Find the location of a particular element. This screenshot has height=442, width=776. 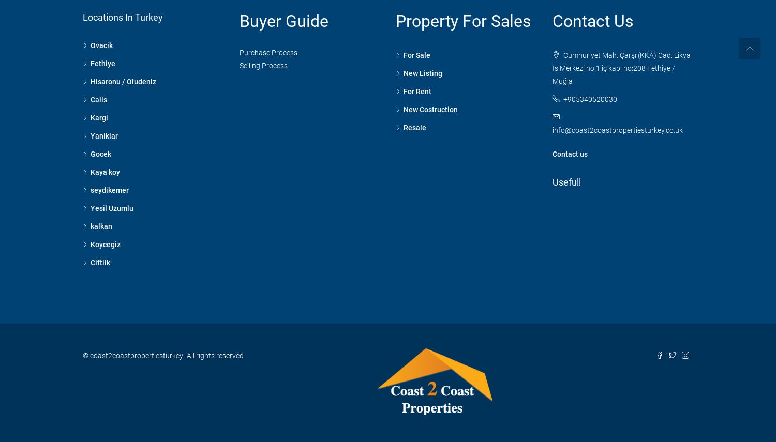

'seydikemer' is located at coordinates (109, 189).